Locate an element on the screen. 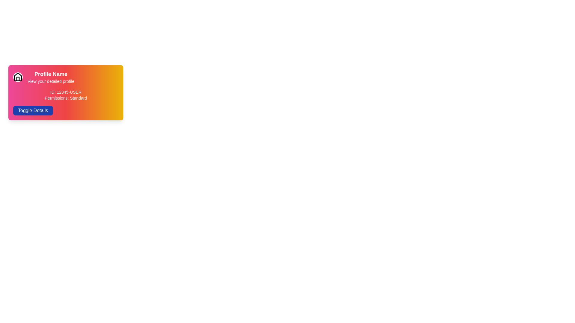  the text label displaying 'Permissions: Standard', located at the bottom of the user ID information block in the card-like interface is located at coordinates (66, 97).